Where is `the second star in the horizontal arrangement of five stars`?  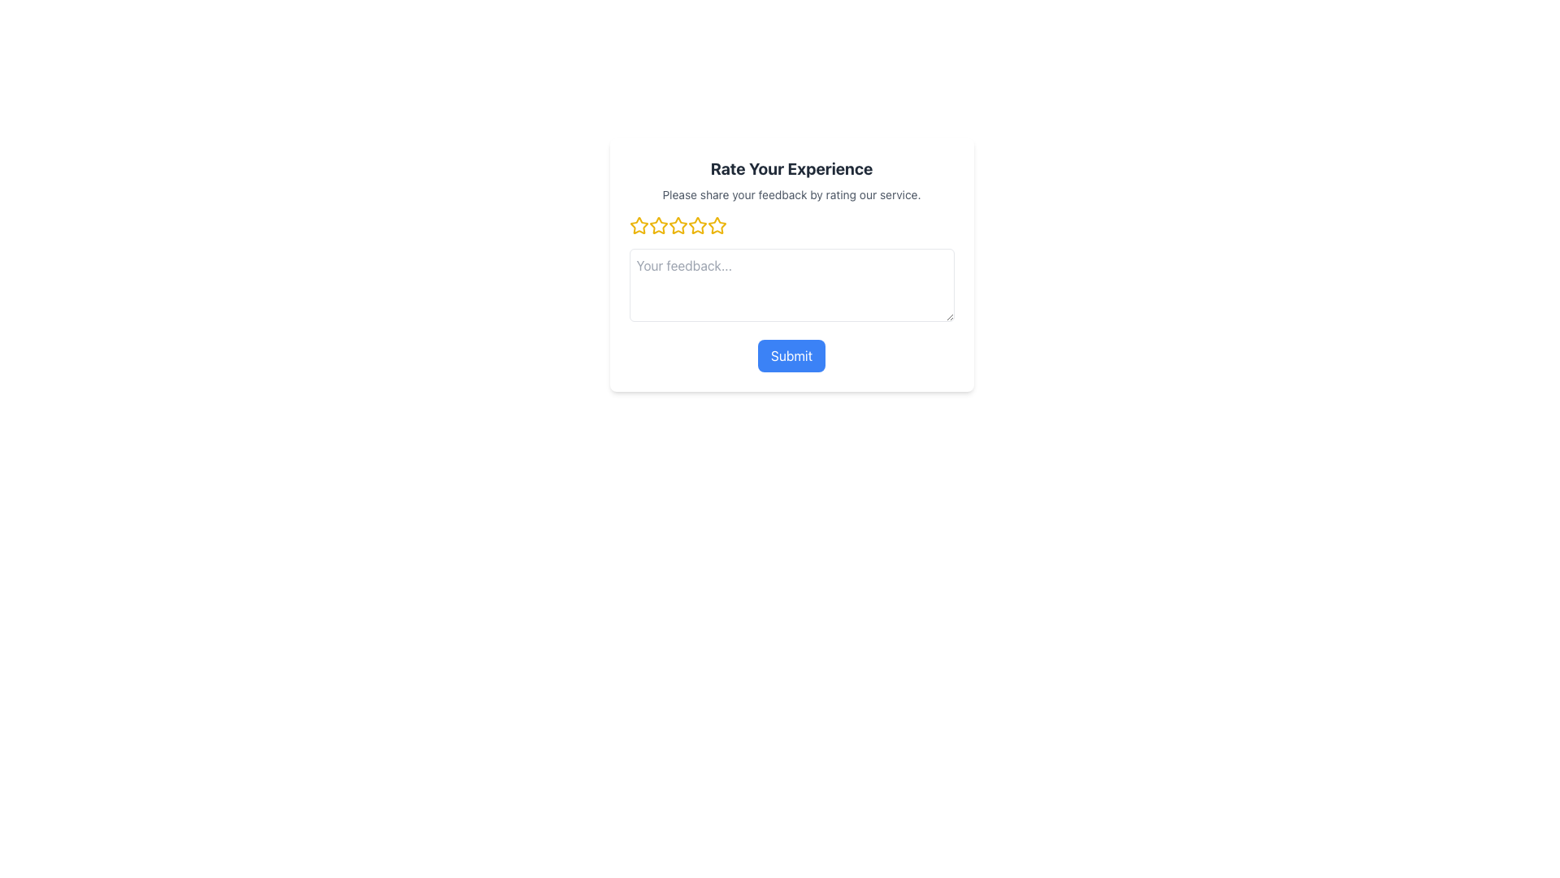
the second star in the horizontal arrangement of five stars is located at coordinates (658, 225).